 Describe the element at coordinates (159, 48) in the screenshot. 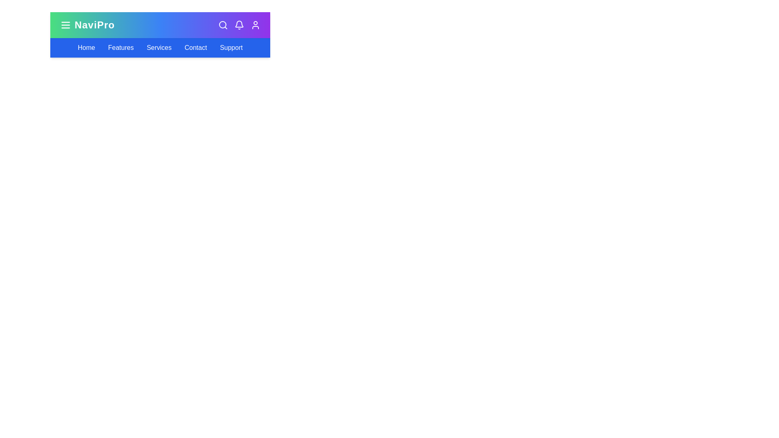

I see `the navigation link Services to observe its hover effect` at that location.